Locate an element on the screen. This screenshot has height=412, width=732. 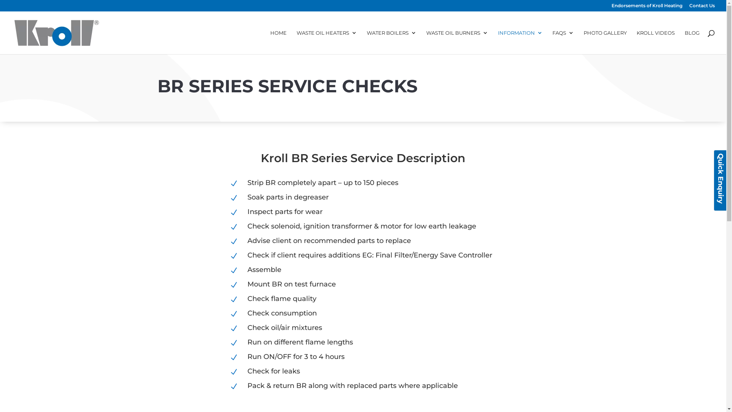
'WASTE OIL HEATERS' is located at coordinates (327, 42).